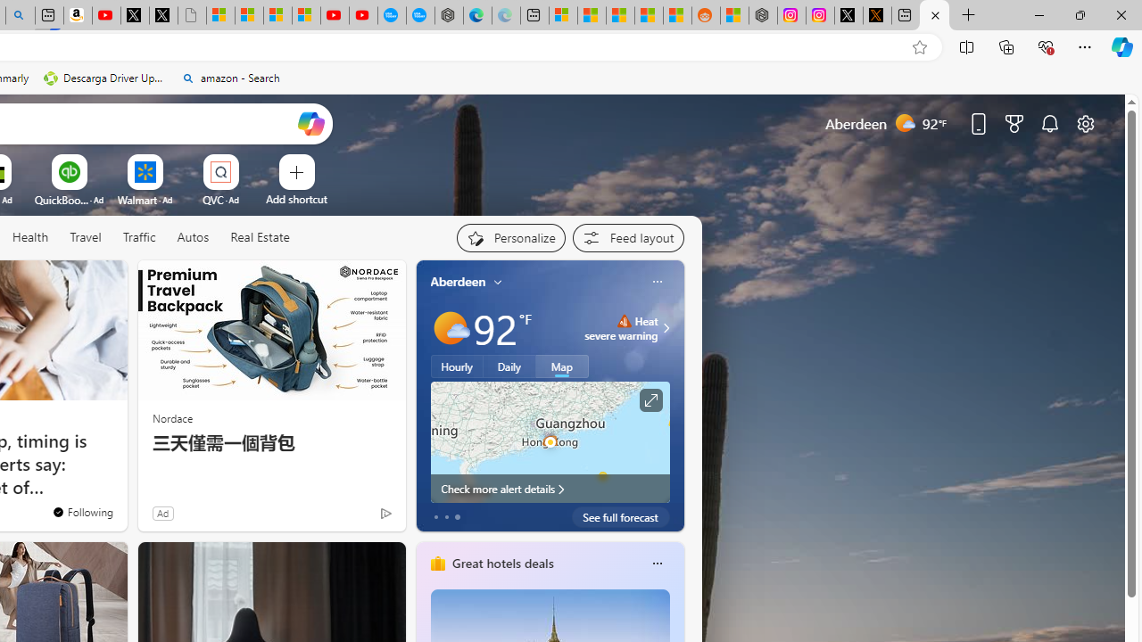 The width and height of the screenshot is (1142, 642). What do you see at coordinates (457, 366) in the screenshot?
I see `'Hourly'` at bounding box center [457, 366].